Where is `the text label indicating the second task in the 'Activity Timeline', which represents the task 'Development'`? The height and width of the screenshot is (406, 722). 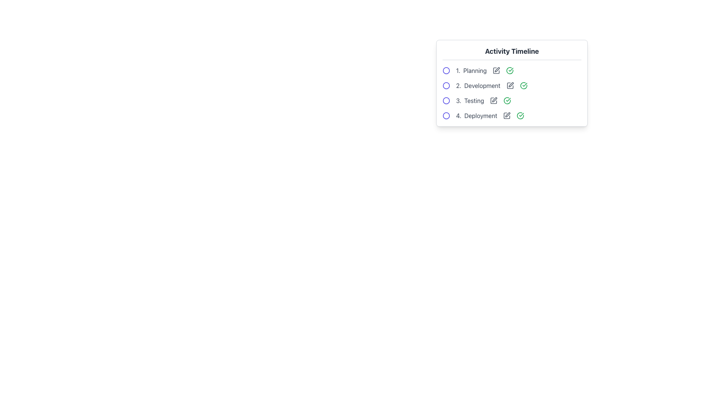 the text label indicating the second task in the 'Activity Timeline', which represents the task 'Development' is located at coordinates (458, 85).